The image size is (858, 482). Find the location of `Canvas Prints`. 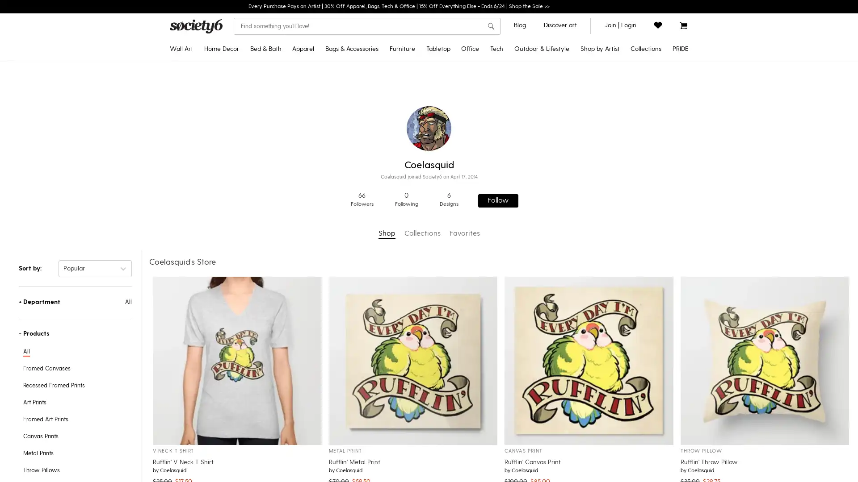

Canvas Prints is located at coordinates (210, 114).